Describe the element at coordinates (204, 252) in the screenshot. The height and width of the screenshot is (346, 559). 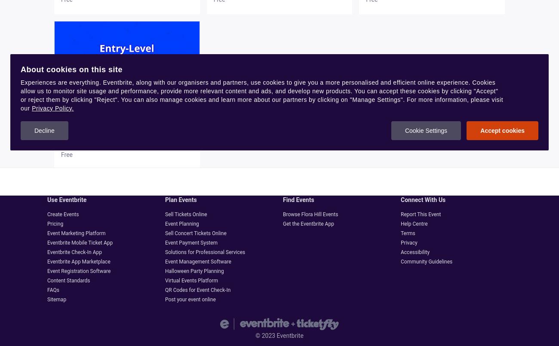
I see `'Solutions for Professional Services'` at that location.